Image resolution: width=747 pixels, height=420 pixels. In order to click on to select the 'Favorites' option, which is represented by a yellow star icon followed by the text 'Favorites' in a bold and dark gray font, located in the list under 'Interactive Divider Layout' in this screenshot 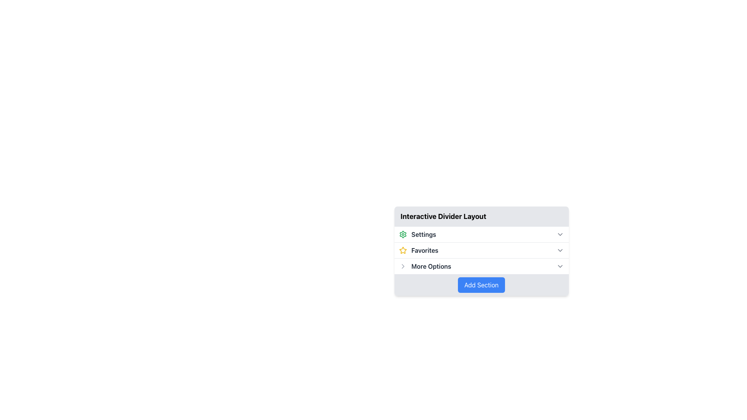, I will do `click(418, 250)`.